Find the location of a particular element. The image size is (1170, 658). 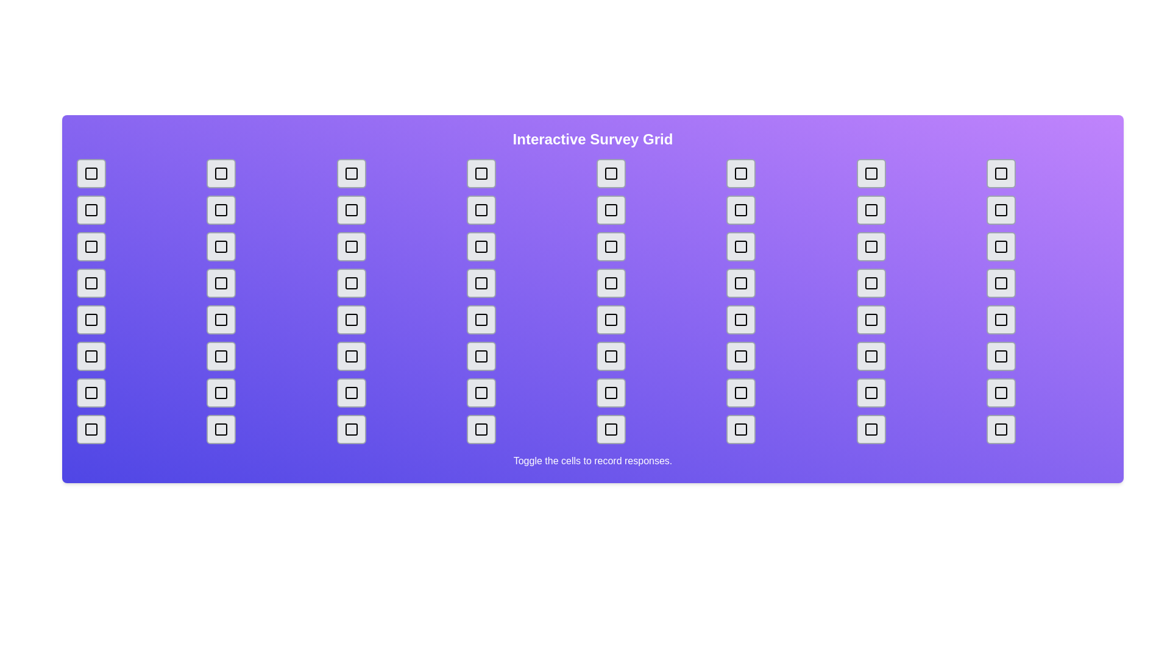

the title 'Interactive Survey Grid' to focus on it is located at coordinates (593, 138).